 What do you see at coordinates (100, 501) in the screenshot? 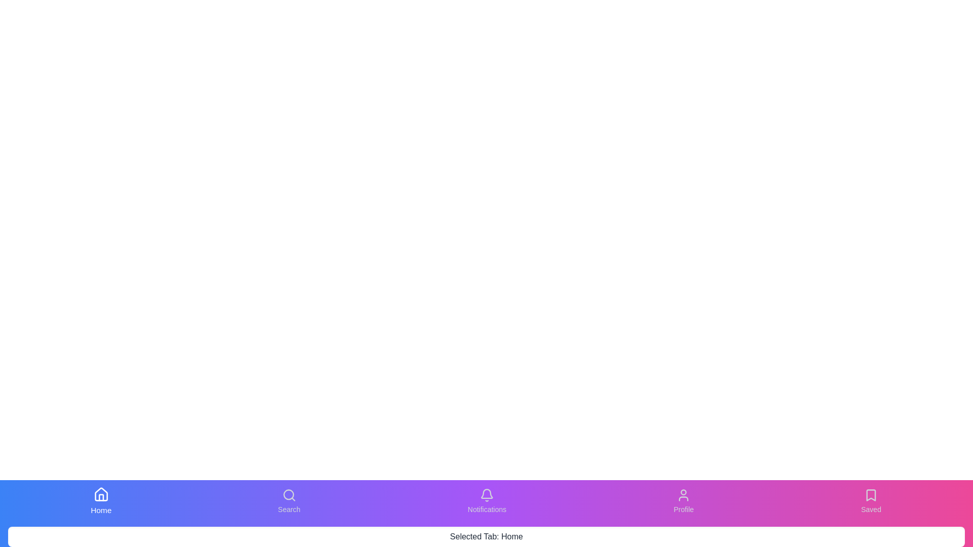
I see `the tab labeled Home from the bottom navigation bar` at bounding box center [100, 501].